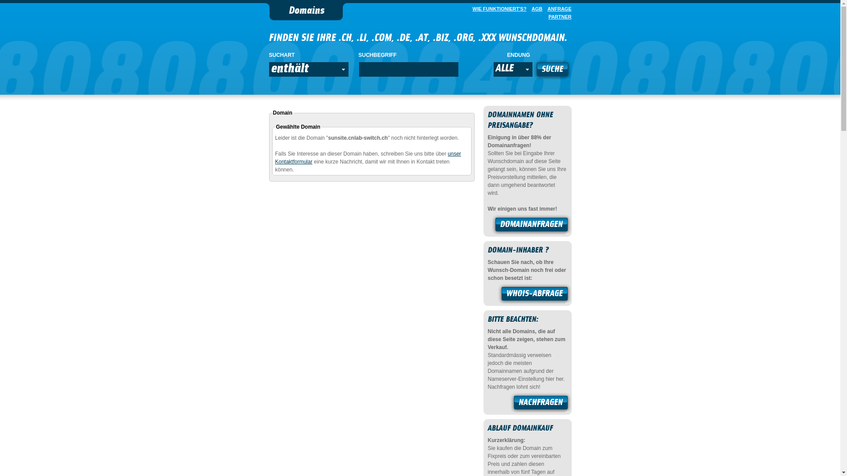  What do you see at coordinates (535, 8) in the screenshot?
I see `'AGB'` at bounding box center [535, 8].